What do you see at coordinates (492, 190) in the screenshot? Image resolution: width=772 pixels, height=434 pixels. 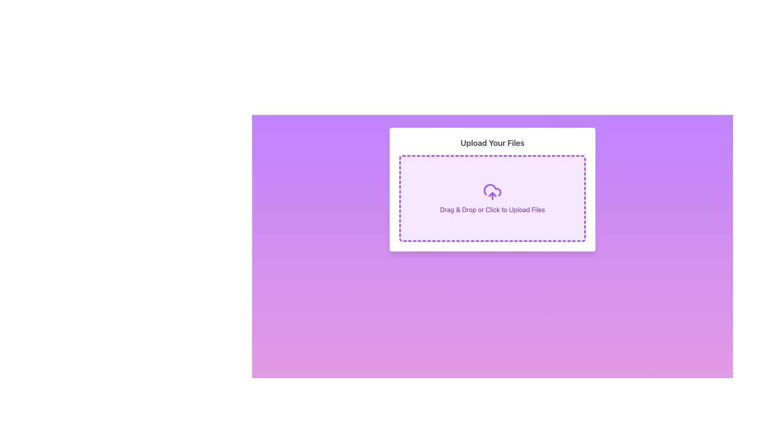 I see `the purple outlined cloud-shaped icon with an open side and a curved top, which is part of the cloud upload graphic` at bounding box center [492, 190].